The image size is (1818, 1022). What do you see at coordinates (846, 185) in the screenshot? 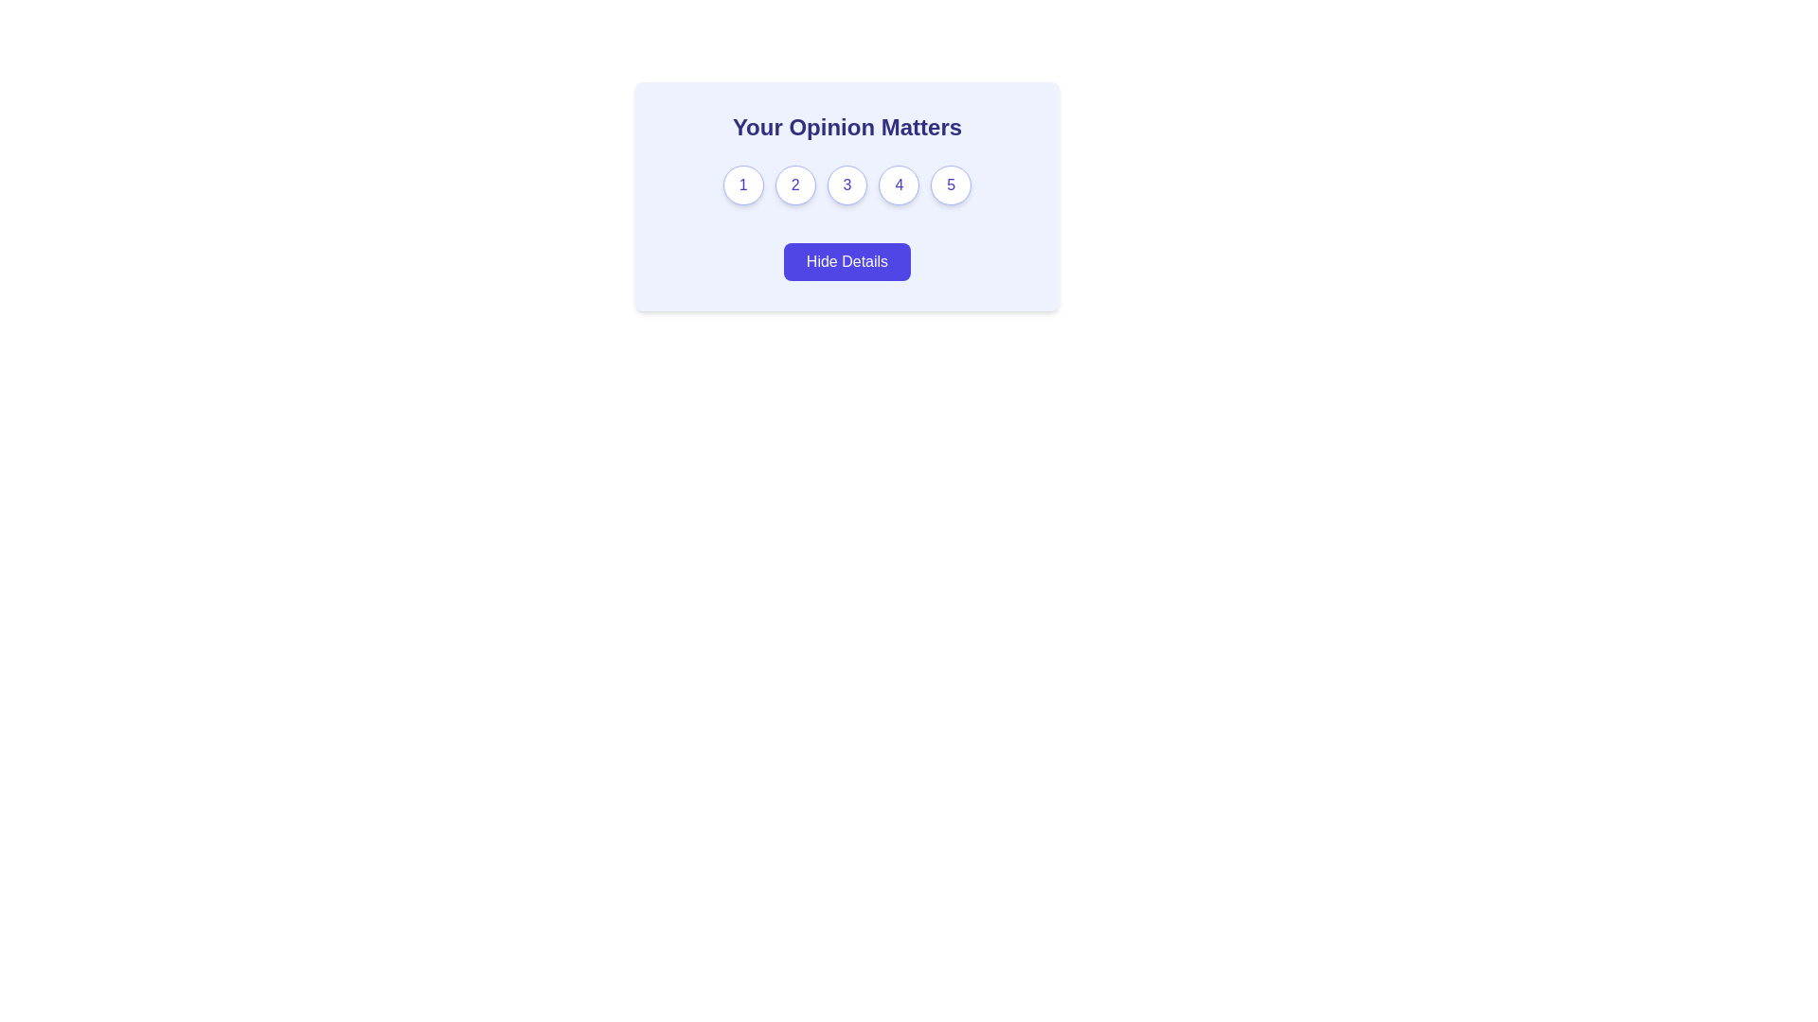
I see `the circular button displaying '3' with a white background and indigo border` at bounding box center [846, 185].